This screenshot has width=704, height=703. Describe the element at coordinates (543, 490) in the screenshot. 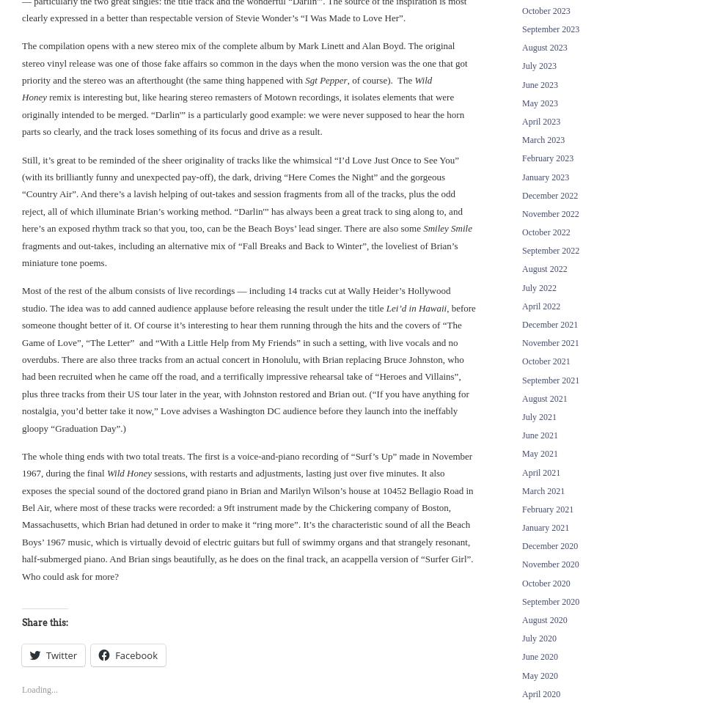

I see `'March 2021'` at that location.